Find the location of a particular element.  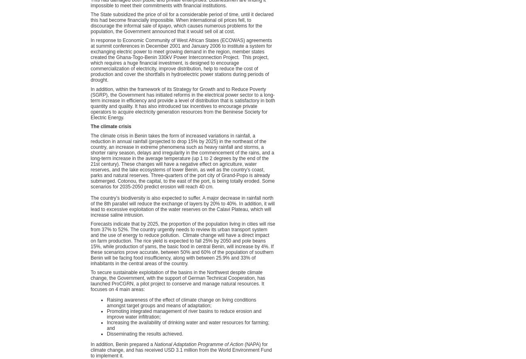

'In response  to Economic Community of West African States (ECOWAS) agreements at summit  conferences in December 2001 and January 2006 to institute a system for  exchanging electric power to meet growing demand in the region, member states created  the Ghana-Togo-Benin 330kV Power Interconnection Project.  This project, which requires a huge financial  investment, is designed to encourage commercialization of electricity, improve  distribution, help to reduce the cost of production and cover the shortfalls in  hydroelectric power stations during periods of drought.' is located at coordinates (89, 60).